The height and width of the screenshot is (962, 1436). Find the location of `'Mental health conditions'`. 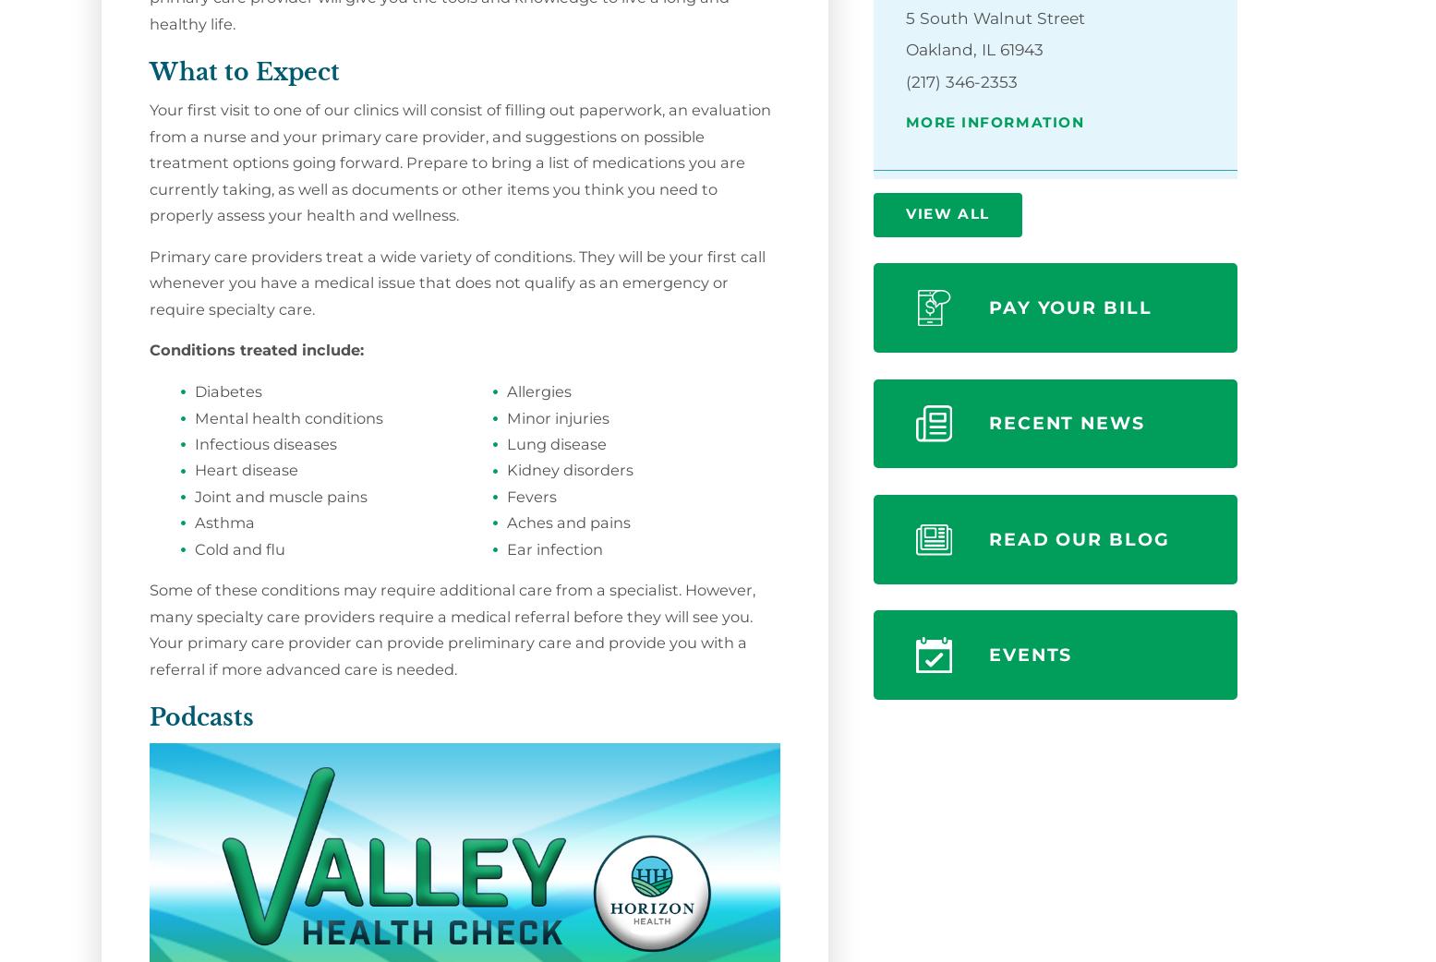

'Mental health conditions' is located at coordinates (286, 417).